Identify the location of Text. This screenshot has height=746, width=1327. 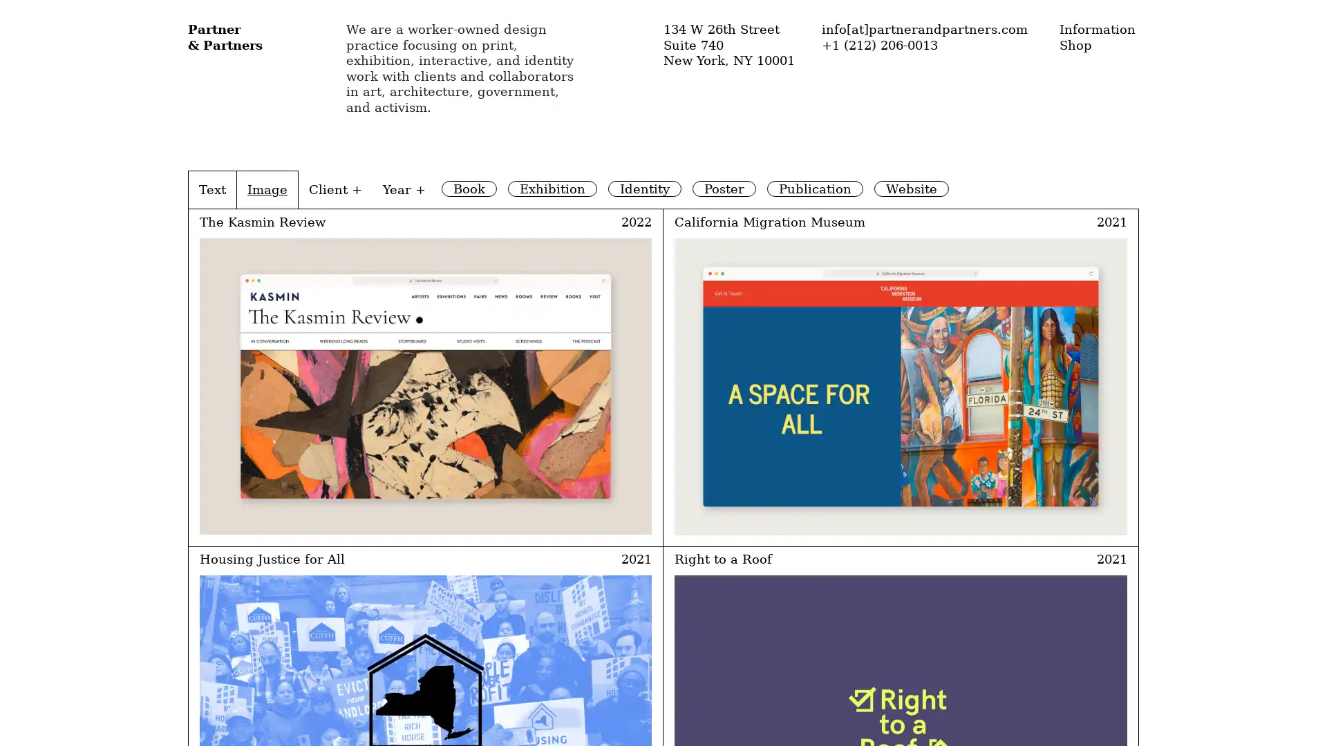
(211, 189).